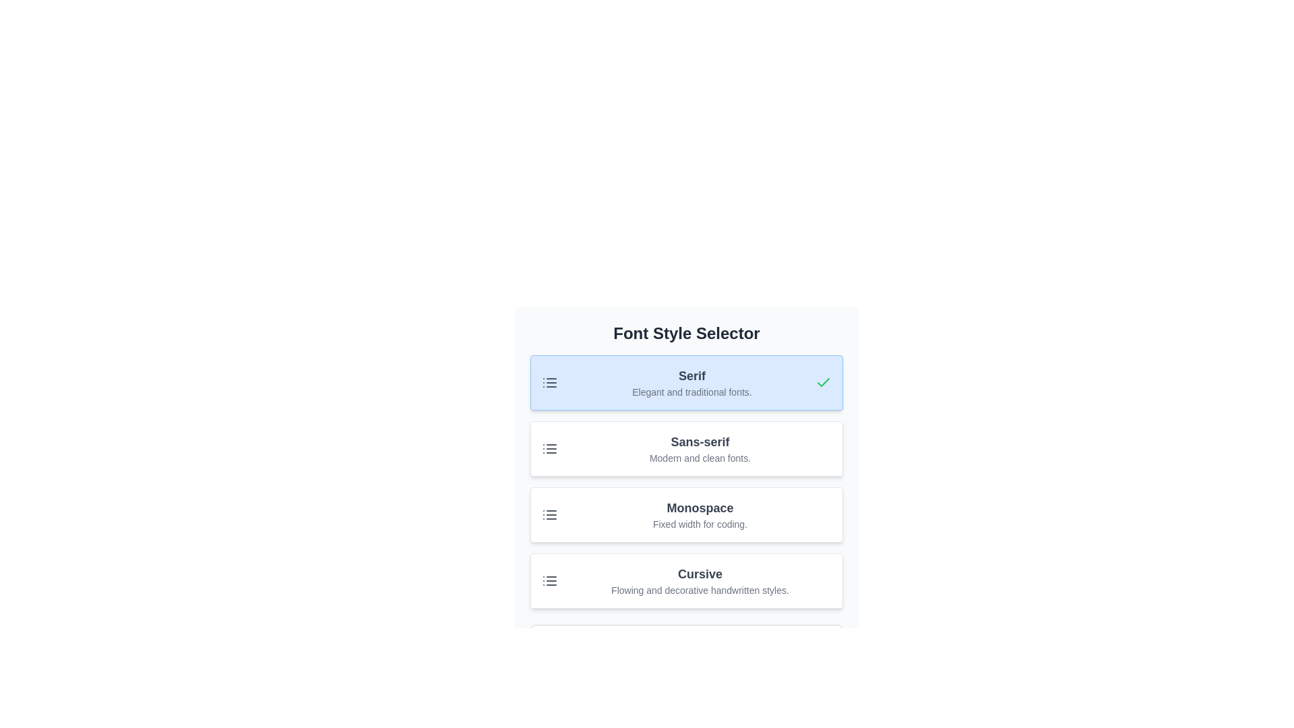 The height and width of the screenshot is (728, 1294). Describe the element at coordinates (550, 580) in the screenshot. I see `the icon representing the 'Cursive' font style option in the Font Style Selector` at that location.